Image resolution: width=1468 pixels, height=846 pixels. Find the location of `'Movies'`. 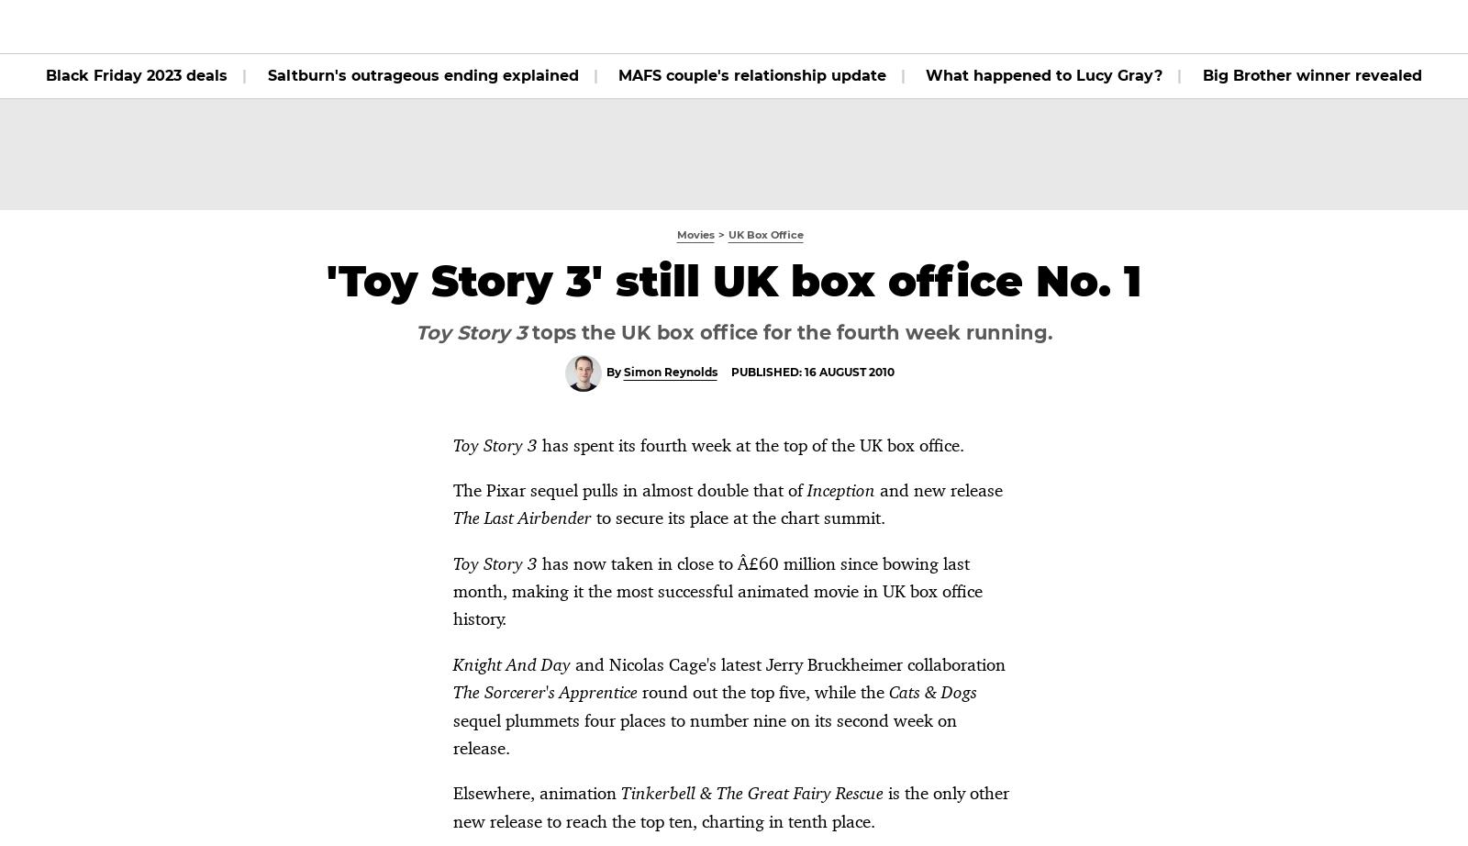

'Movies' is located at coordinates (442, 26).